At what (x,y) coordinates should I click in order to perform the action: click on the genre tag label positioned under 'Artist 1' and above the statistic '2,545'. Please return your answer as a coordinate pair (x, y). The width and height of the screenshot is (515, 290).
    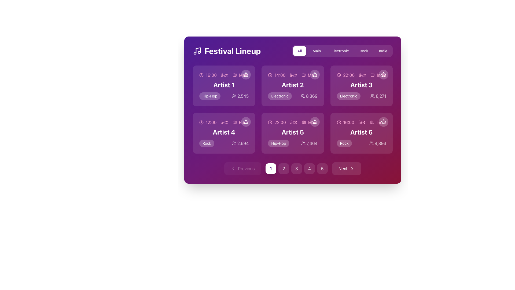
    Looking at the image, I should click on (209, 96).